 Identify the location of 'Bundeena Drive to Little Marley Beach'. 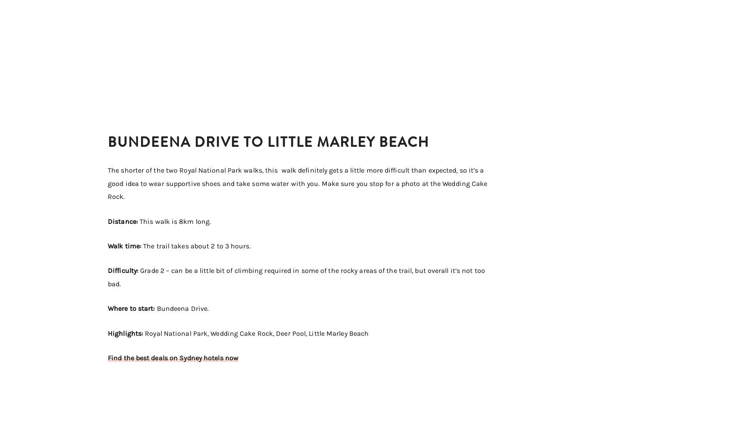
(268, 142).